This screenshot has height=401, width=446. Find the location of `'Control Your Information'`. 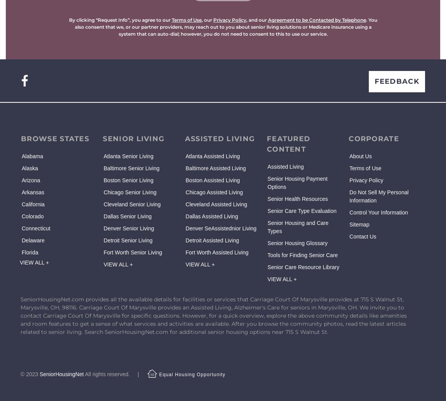

'Control Your Information' is located at coordinates (379, 213).